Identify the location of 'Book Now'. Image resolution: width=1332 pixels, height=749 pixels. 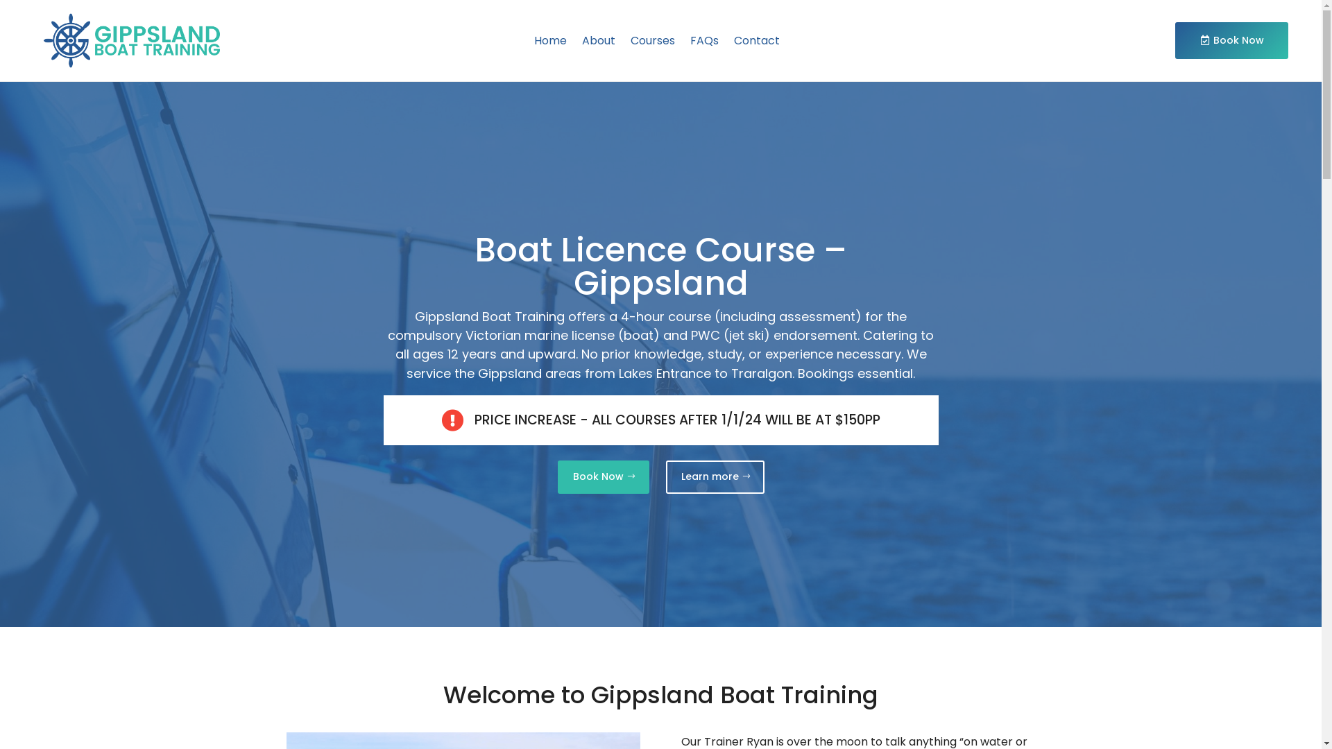
(603, 476).